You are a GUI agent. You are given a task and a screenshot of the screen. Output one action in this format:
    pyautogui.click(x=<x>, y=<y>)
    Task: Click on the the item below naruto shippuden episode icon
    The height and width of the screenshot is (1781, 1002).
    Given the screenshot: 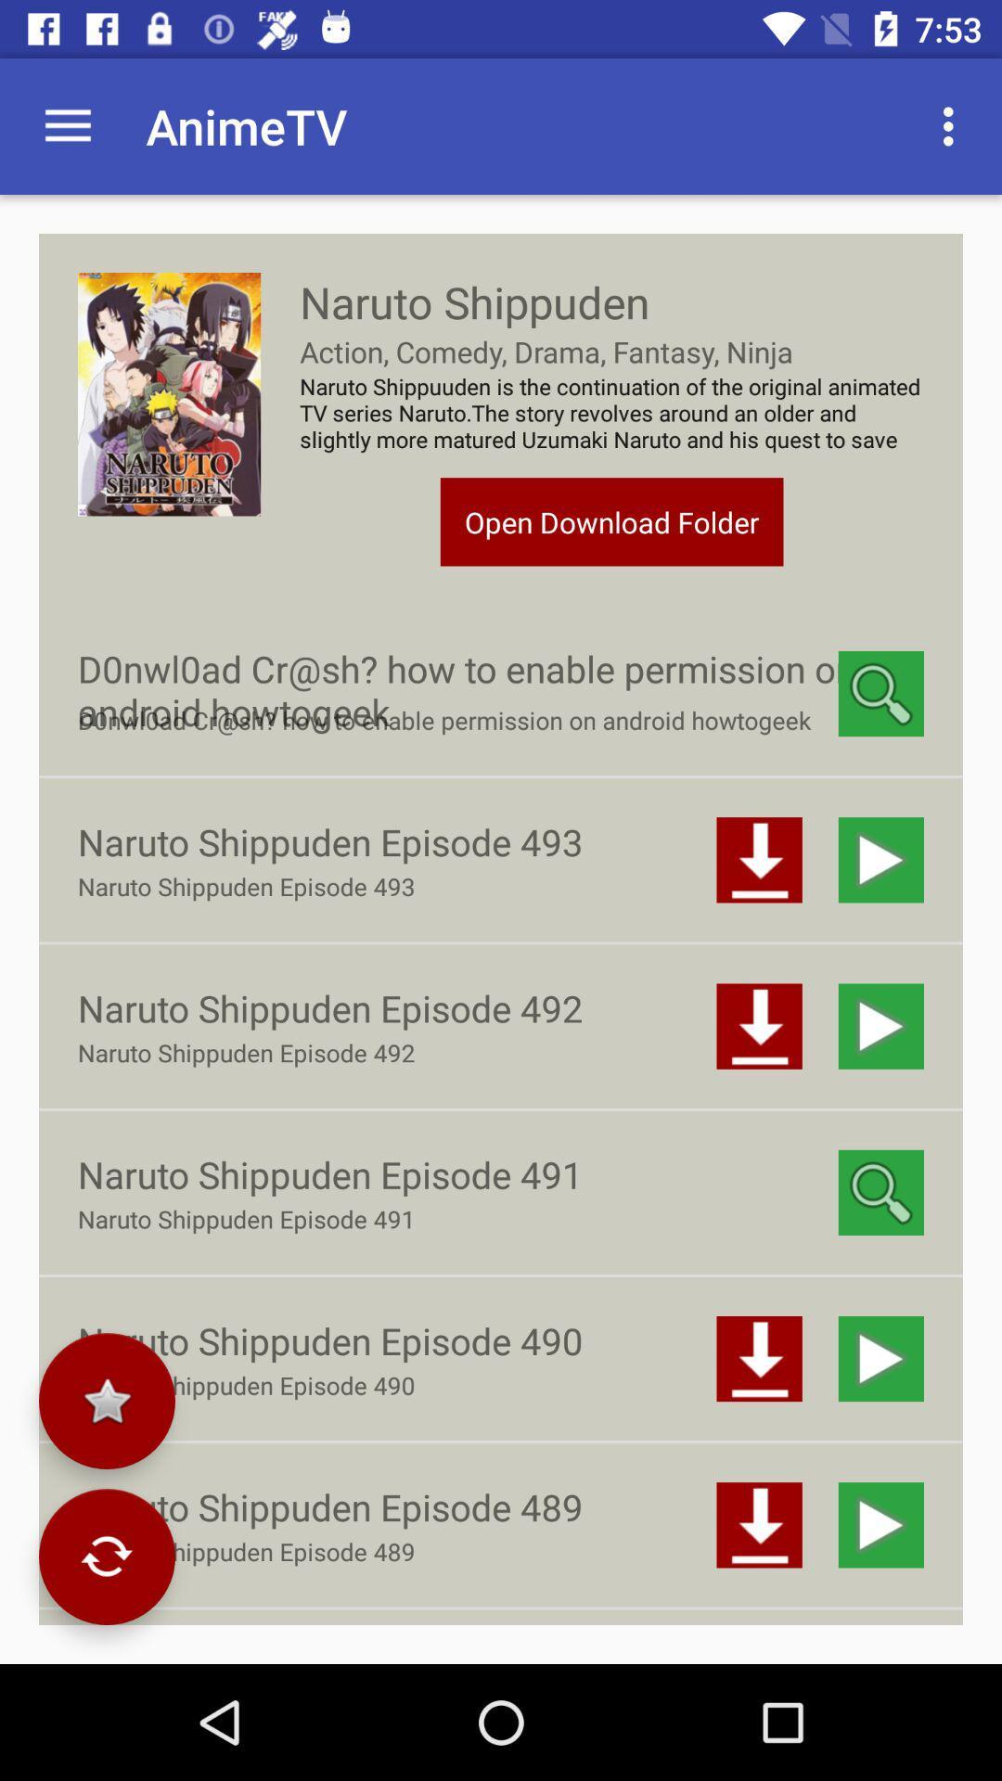 What is the action you would take?
    pyautogui.click(x=107, y=1401)
    